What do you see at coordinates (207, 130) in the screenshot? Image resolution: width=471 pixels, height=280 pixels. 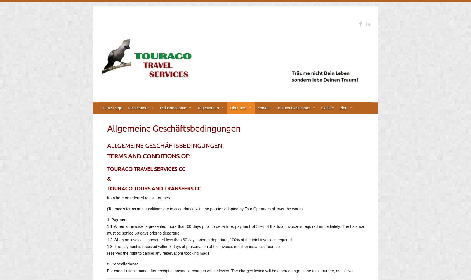 I see `'Alle Safaris'` at bounding box center [207, 130].